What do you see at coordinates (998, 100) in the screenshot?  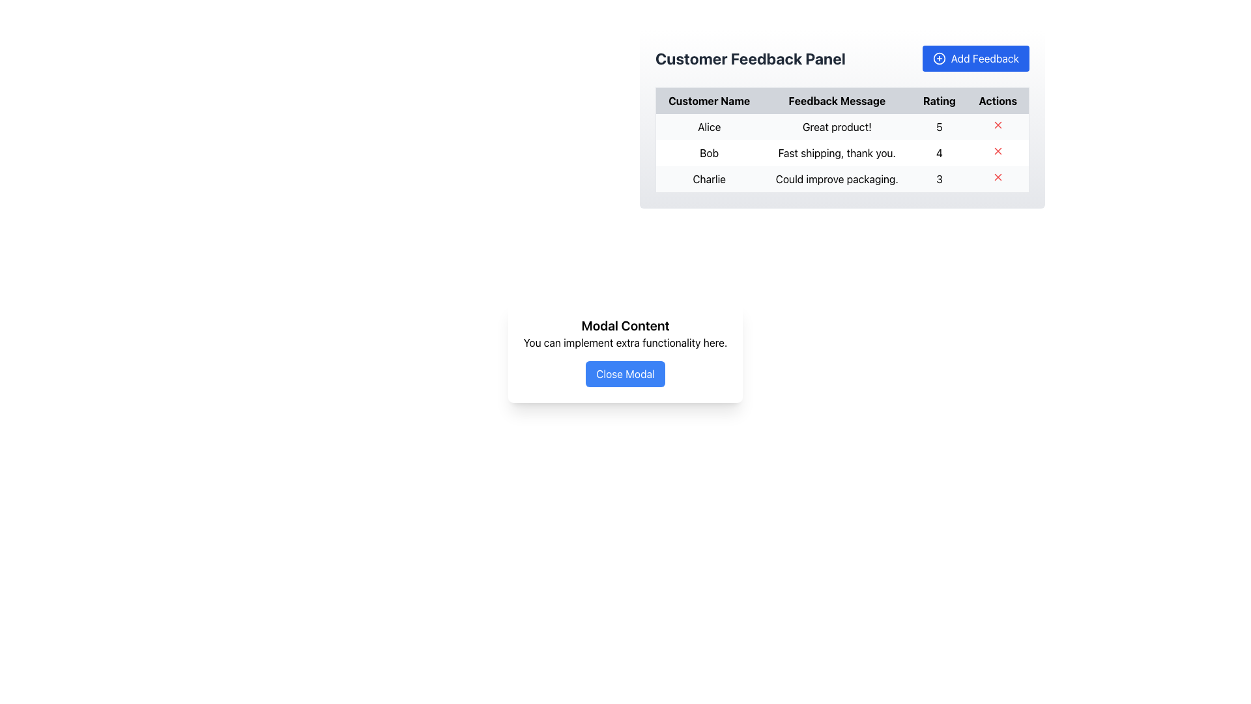 I see `the 'Actions' column header in the table, which is the fourth column header located to the right of the 'Rating' column header` at bounding box center [998, 100].